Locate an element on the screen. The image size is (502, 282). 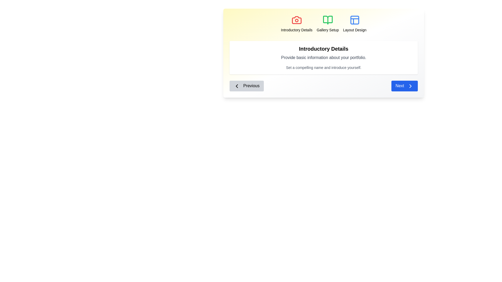
the right-facing chevron icon inside the blue 'Next' button is located at coordinates (410, 85).